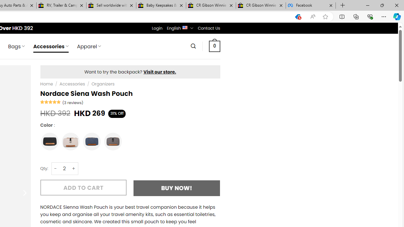  What do you see at coordinates (397, 16) in the screenshot?
I see `'Copilot (Ctrl+Shift+.)'` at bounding box center [397, 16].